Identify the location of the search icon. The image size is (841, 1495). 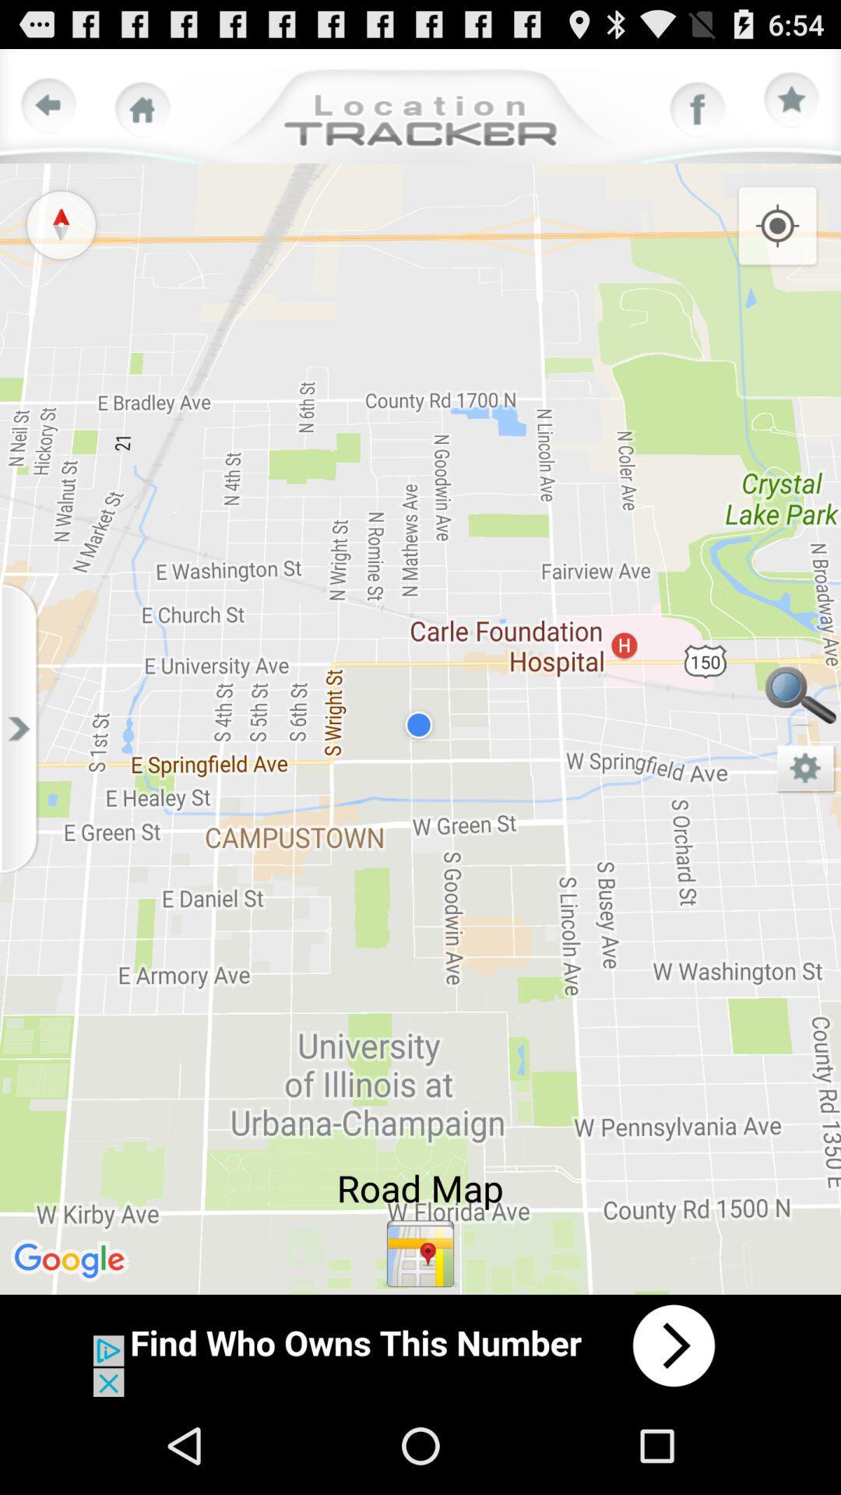
(800, 747).